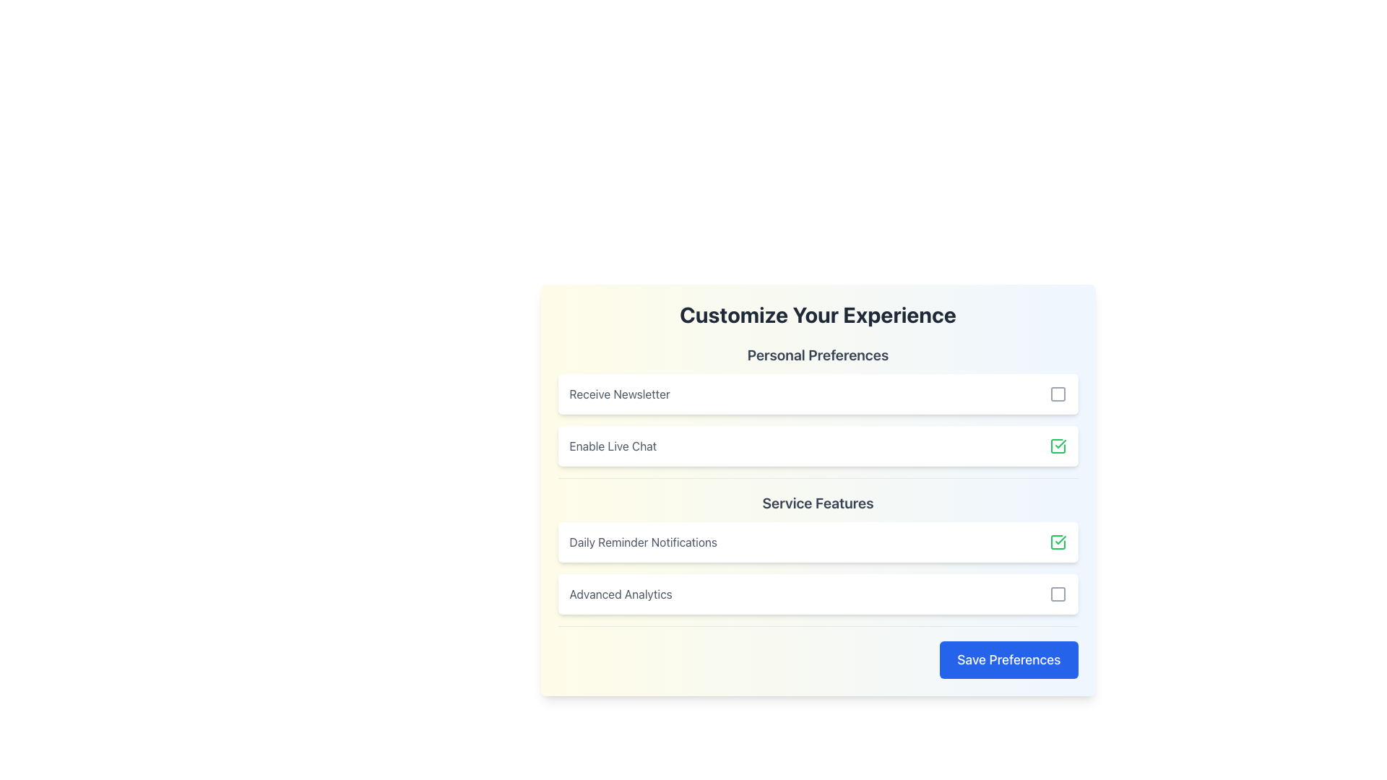 This screenshot has height=780, width=1387. Describe the element at coordinates (1058, 594) in the screenshot. I see `the interactive checkbox for 'Advanced Analytics' located in the fourth row of the 'Service Features' section to check or uncheck it` at that location.